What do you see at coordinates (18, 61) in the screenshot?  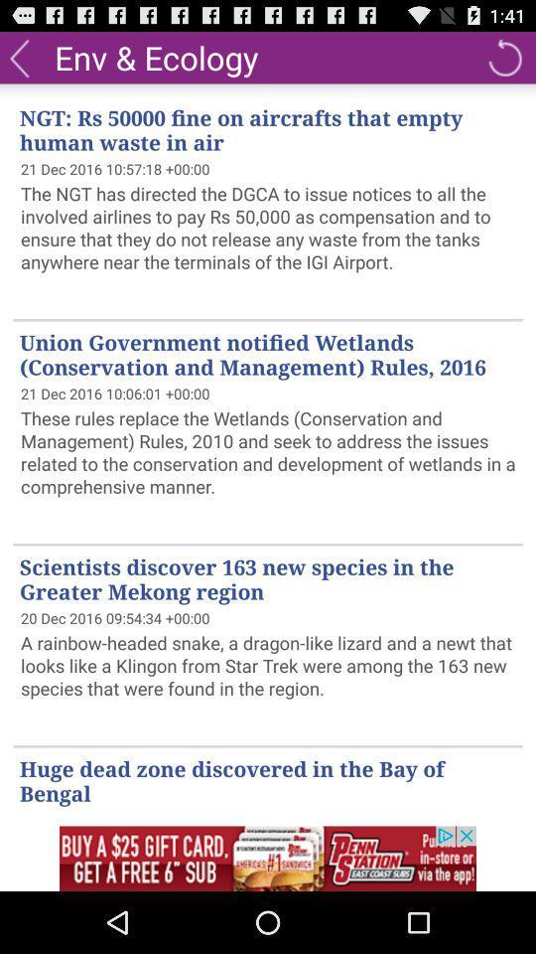 I see `the arrow_backward icon` at bounding box center [18, 61].